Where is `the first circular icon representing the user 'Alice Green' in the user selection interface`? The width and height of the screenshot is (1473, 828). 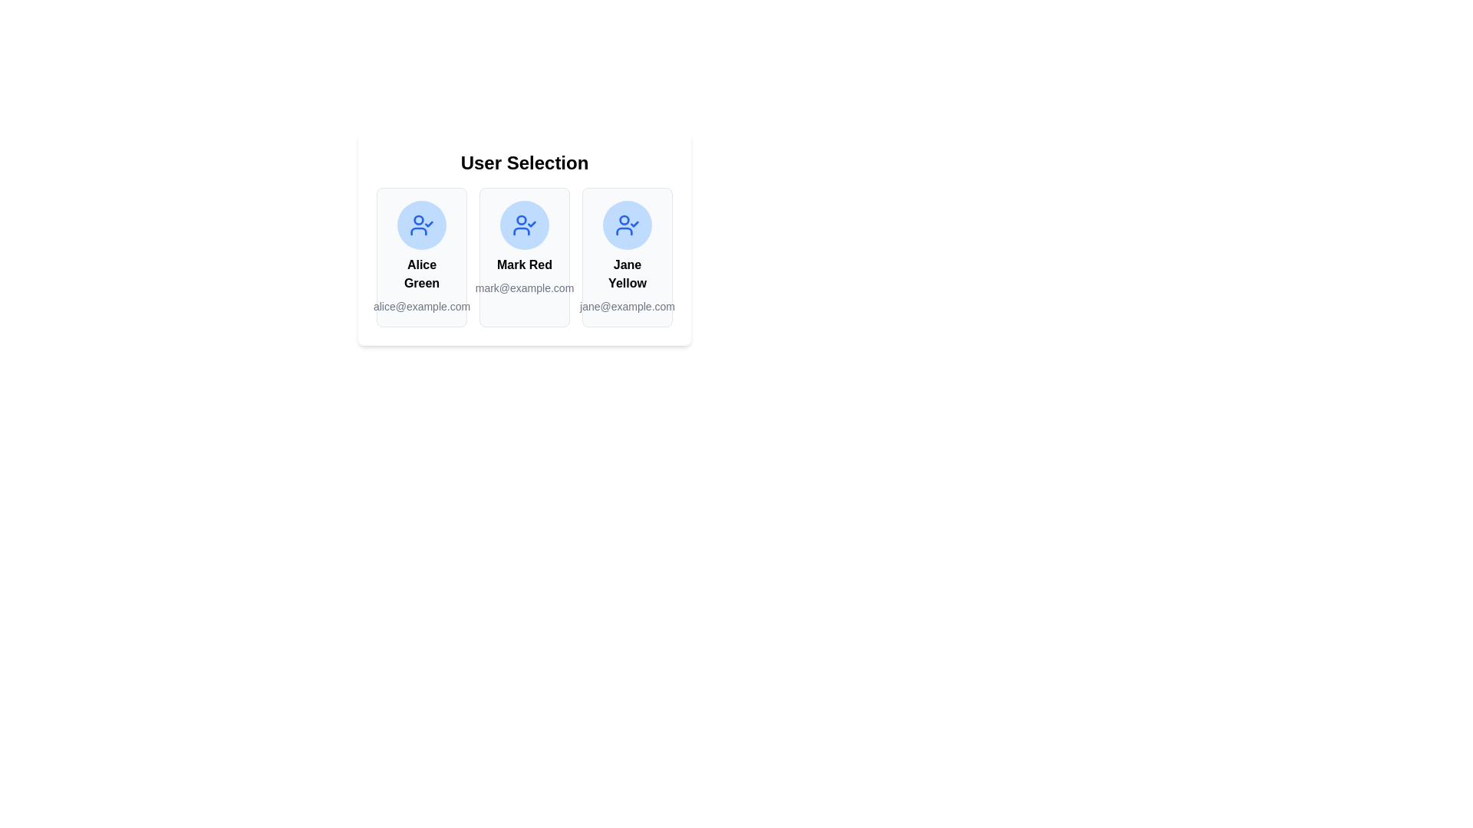 the first circular icon representing the user 'Alice Green' in the user selection interface is located at coordinates (422, 225).